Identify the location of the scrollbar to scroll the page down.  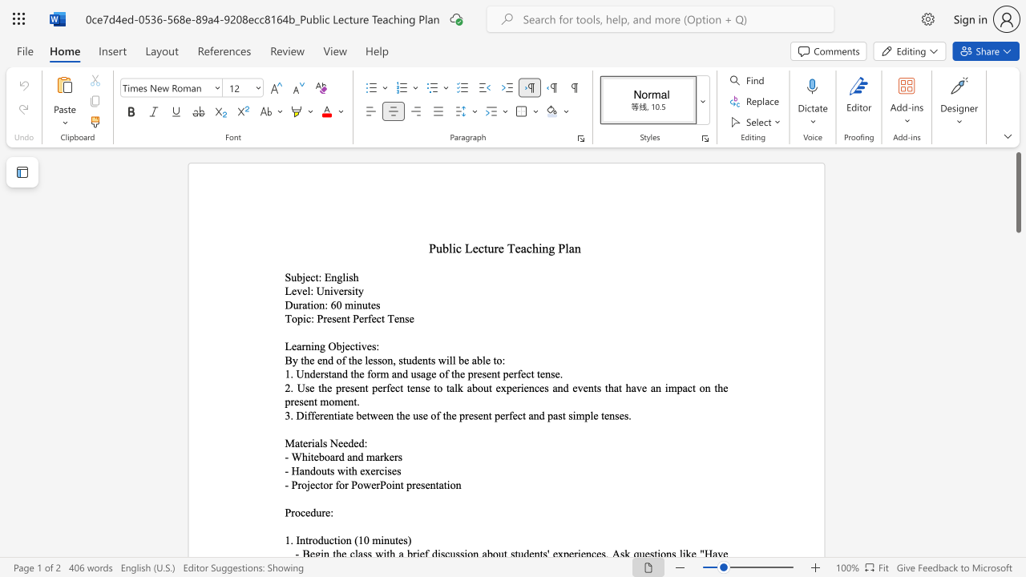
(1017, 505).